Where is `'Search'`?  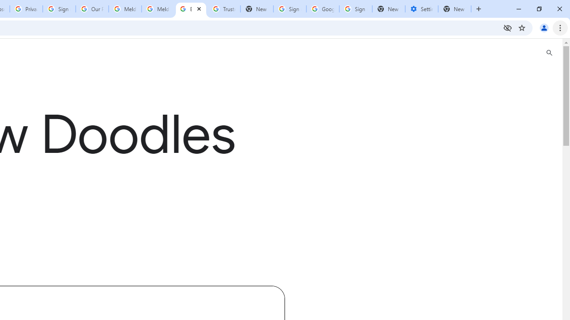
'Search' is located at coordinates (549, 53).